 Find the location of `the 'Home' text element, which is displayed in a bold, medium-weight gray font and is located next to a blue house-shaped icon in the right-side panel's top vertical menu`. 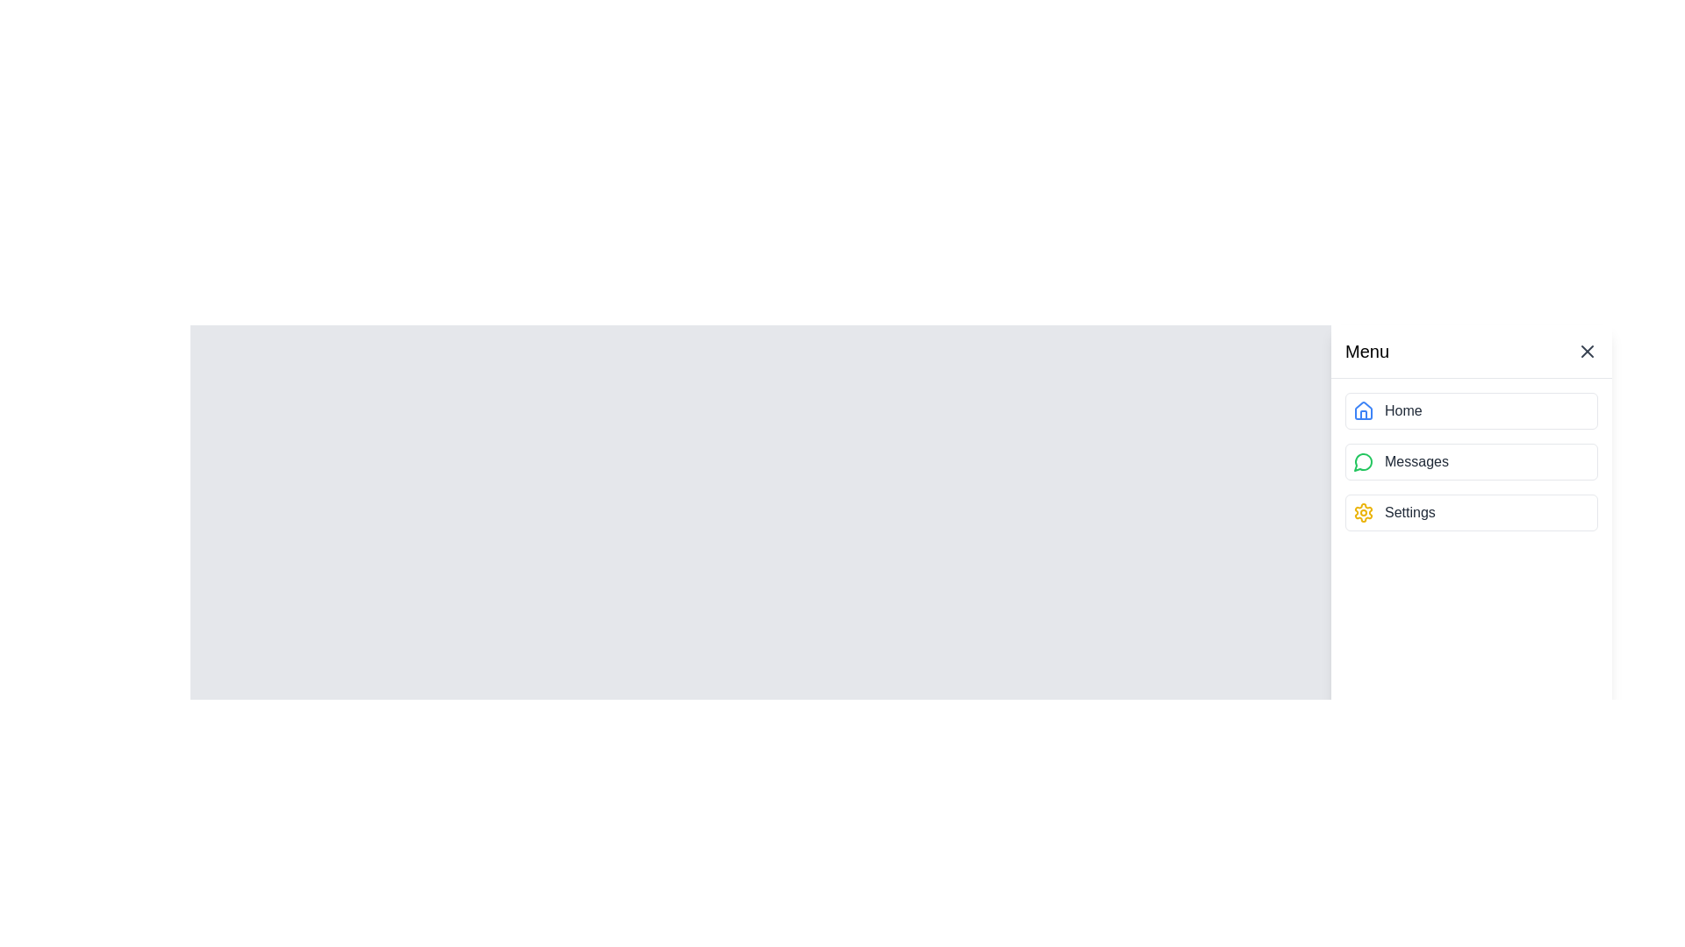

the 'Home' text element, which is displayed in a bold, medium-weight gray font and is located next to a blue house-shaped icon in the right-side panel's top vertical menu is located at coordinates (1402, 411).